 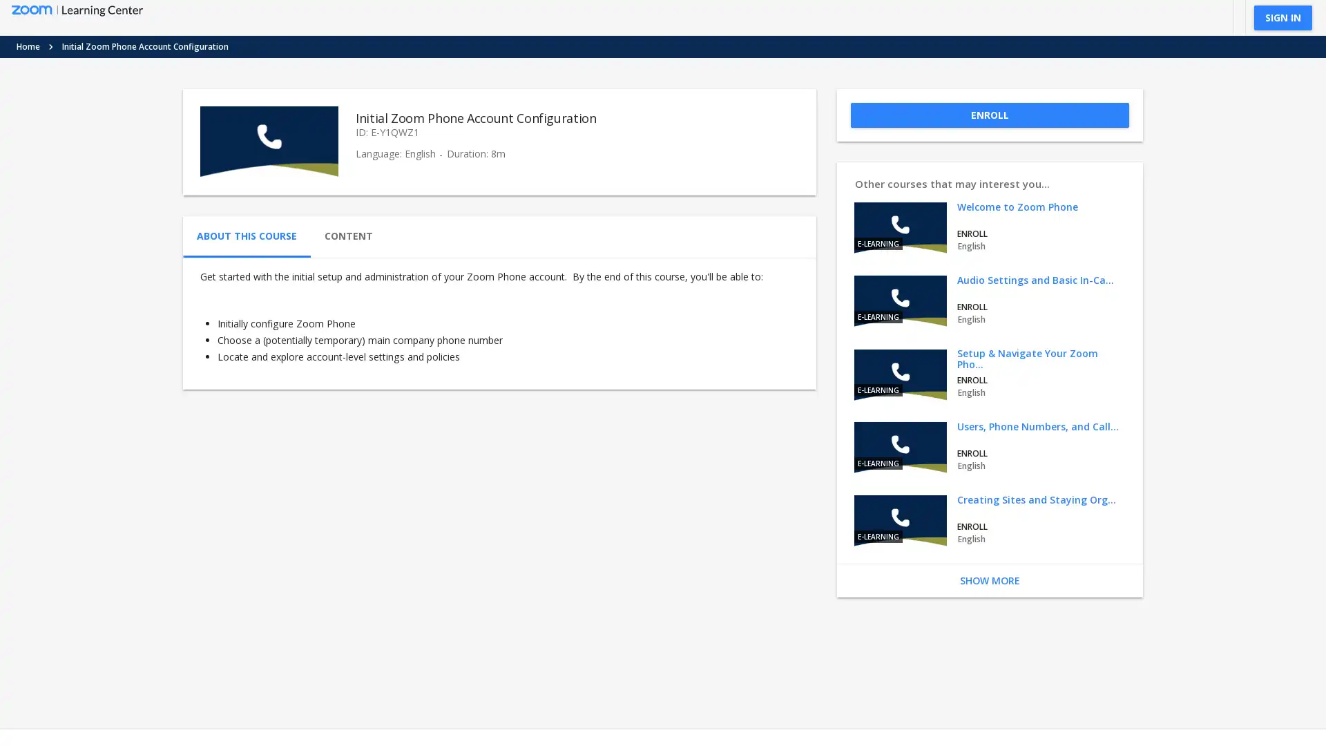 What do you see at coordinates (459, 682) in the screenshot?
I see `Cookies Settings` at bounding box center [459, 682].